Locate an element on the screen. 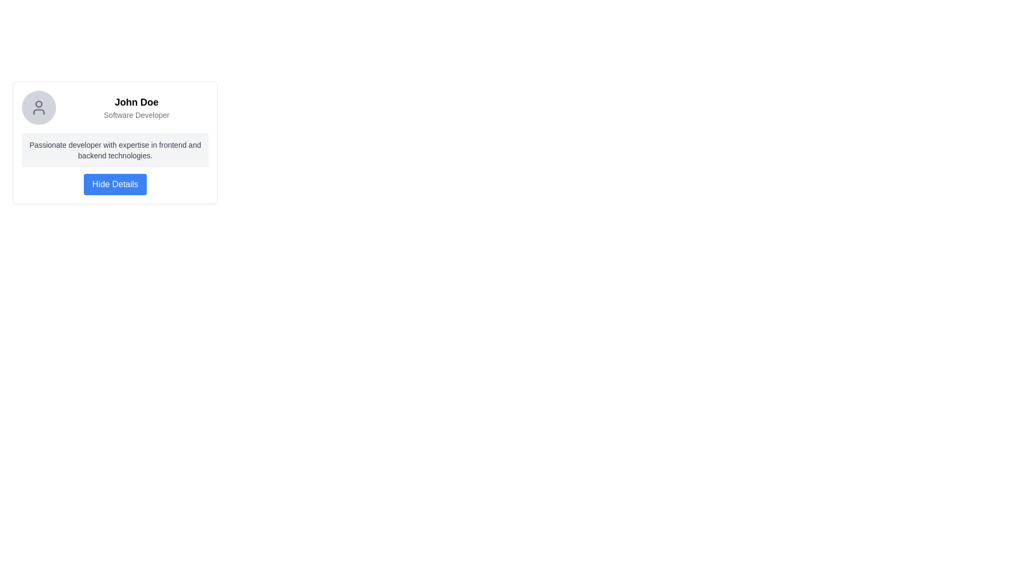 The height and width of the screenshot is (576, 1025). the descriptive text that summarizes the user's skills and expertise, located beneath the 'John Doe' header and above the 'Hide Details' button is located at coordinates (115, 150).